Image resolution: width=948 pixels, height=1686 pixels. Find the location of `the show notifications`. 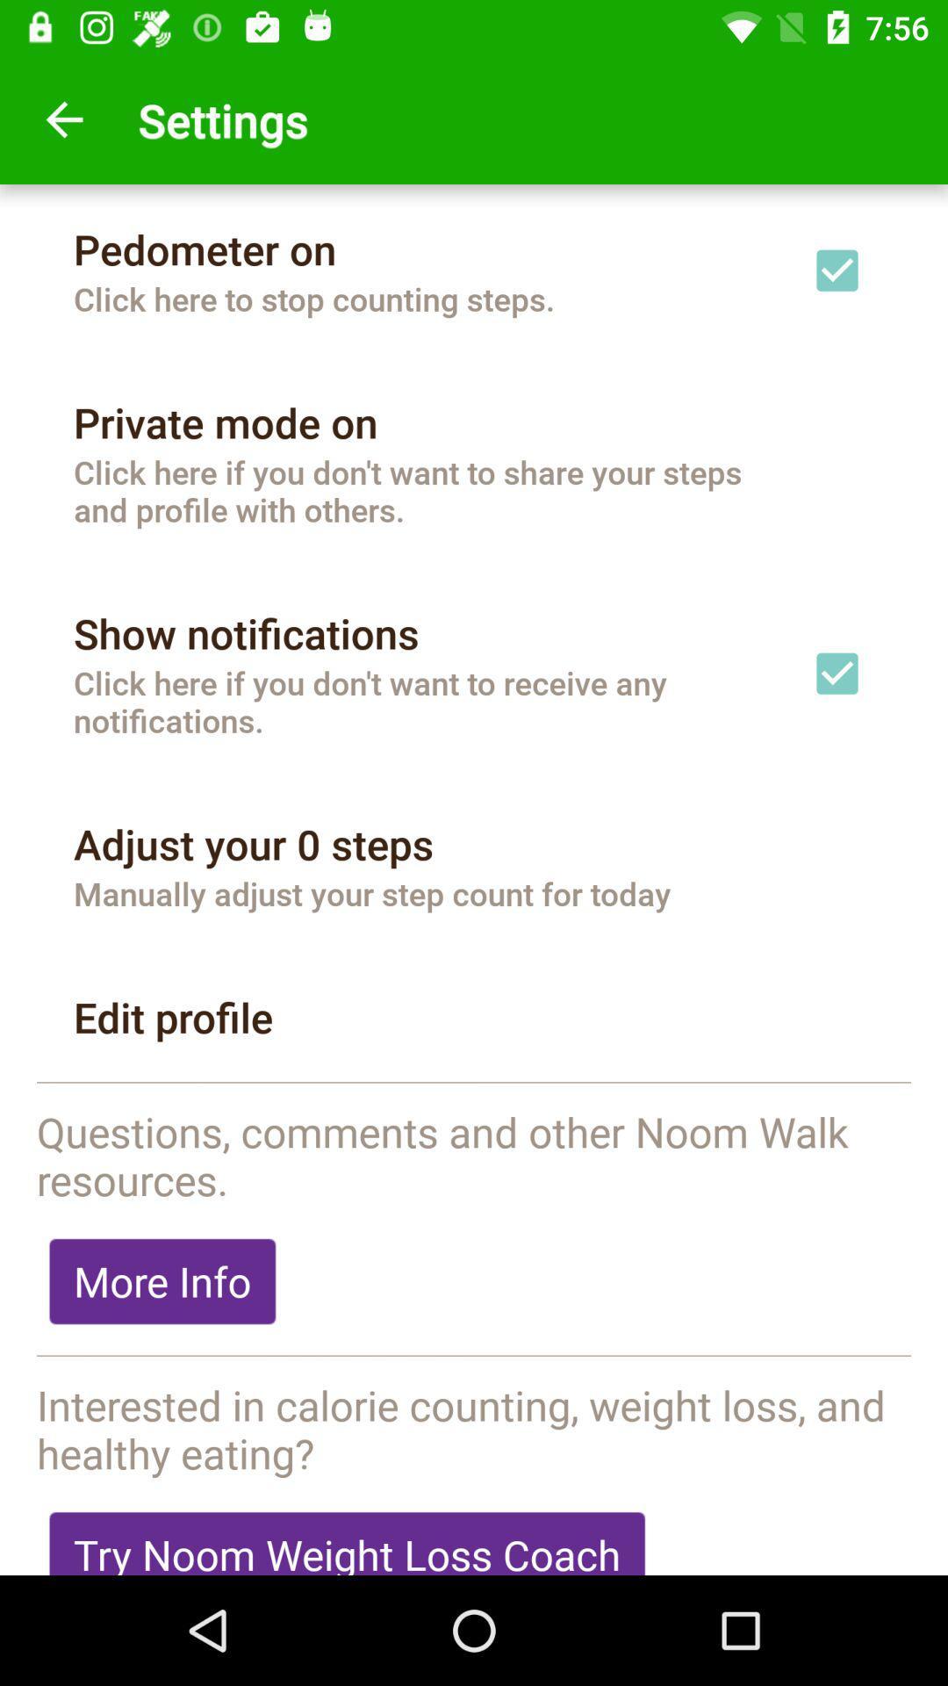

the show notifications is located at coordinates (246, 632).